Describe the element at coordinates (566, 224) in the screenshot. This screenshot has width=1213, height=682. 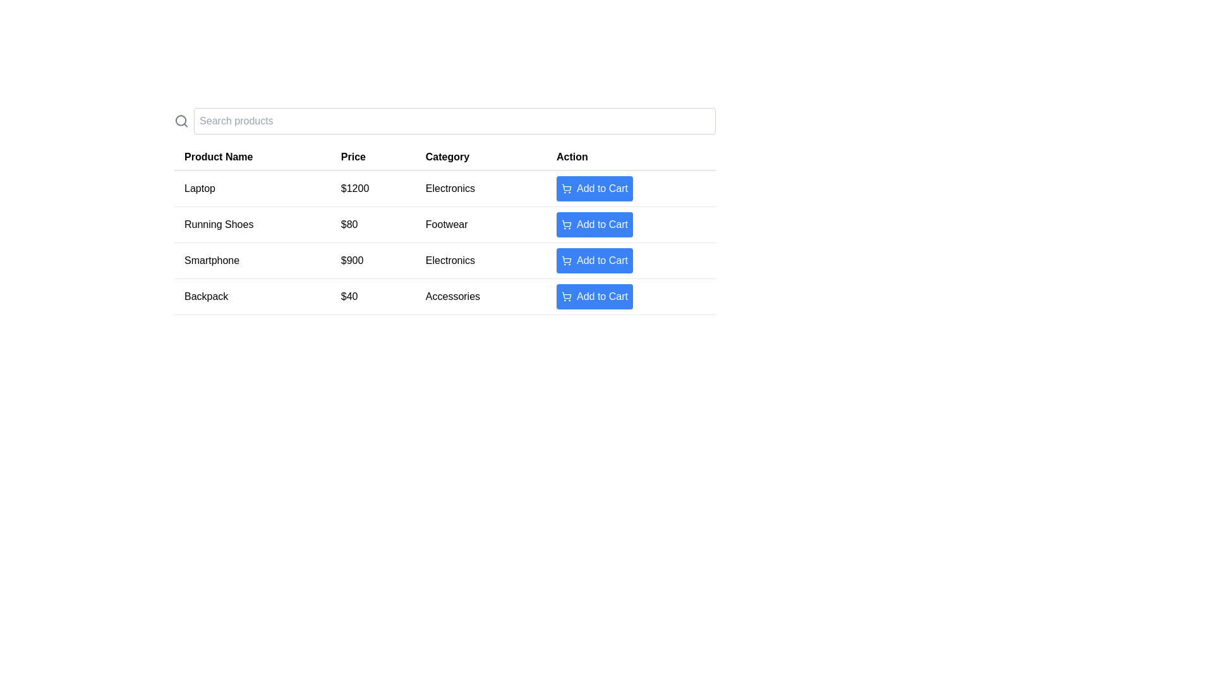
I see `the shopping cart icon on the 'Add to Cart' button for the 'Running Shoes' product, which is located in the second row of the 'Action' column in the table layout` at that location.